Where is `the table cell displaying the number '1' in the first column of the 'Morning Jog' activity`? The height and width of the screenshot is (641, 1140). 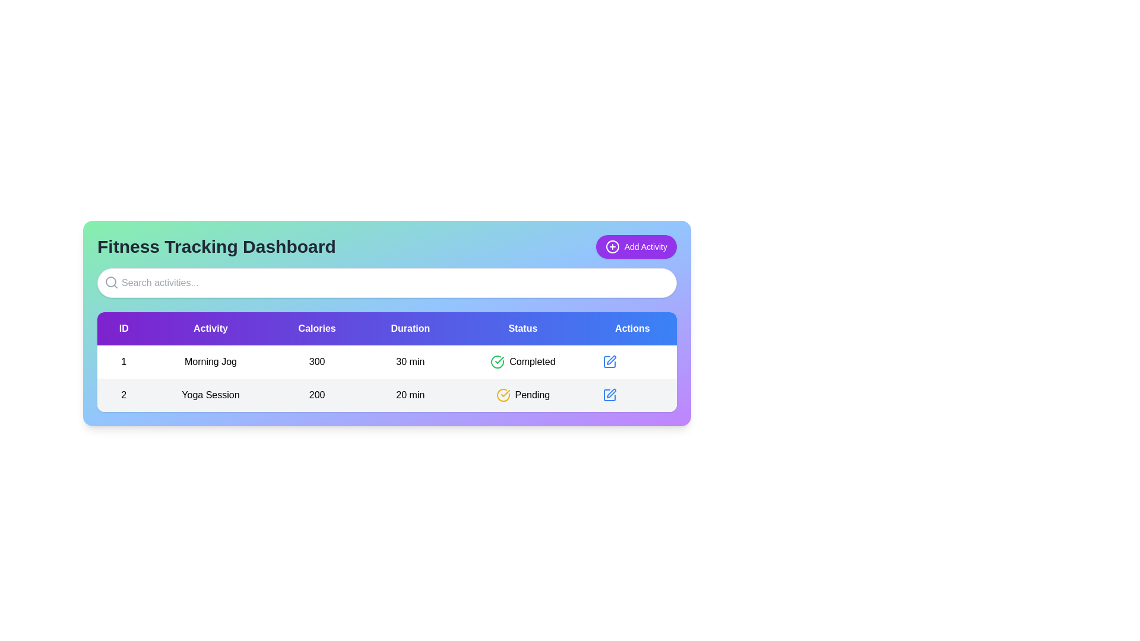 the table cell displaying the number '1' in the first column of the 'Morning Jog' activity is located at coordinates (123, 361).